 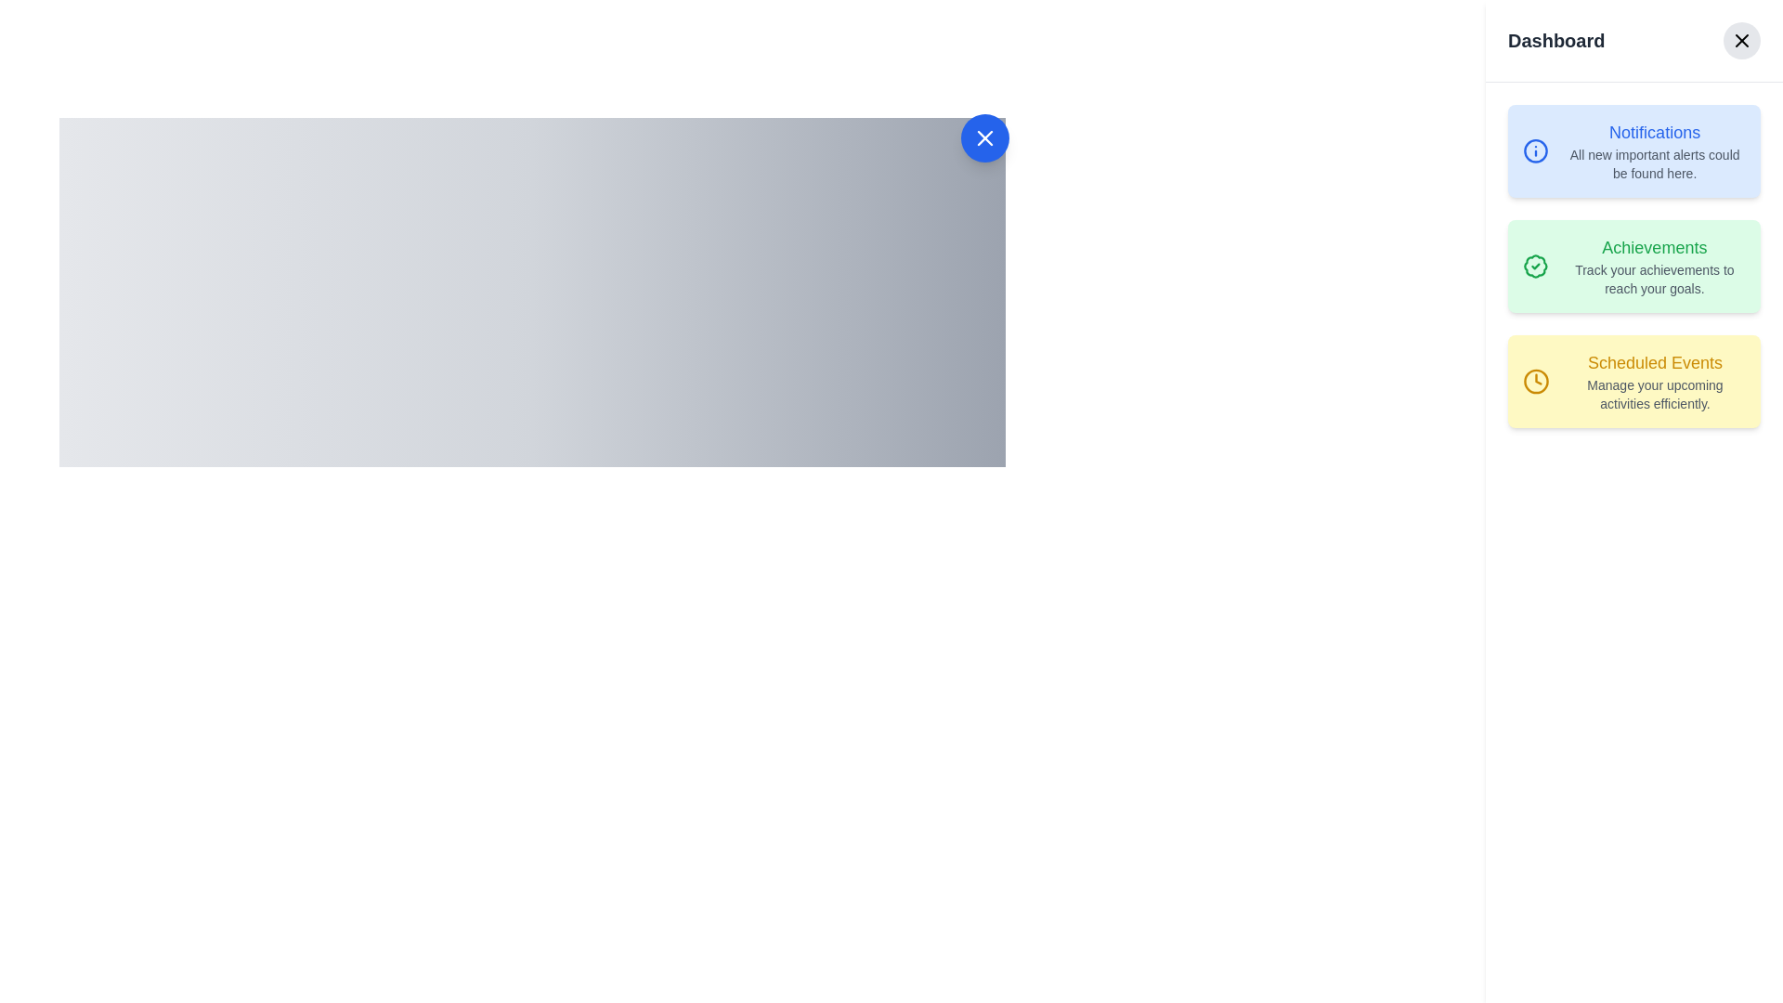 What do you see at coordinates (1741, 40) in the screenshot?
I see `the close or dismiss button located in the top-right corner beside the 'Dashboard' title` at bounding box center [1741, 40].